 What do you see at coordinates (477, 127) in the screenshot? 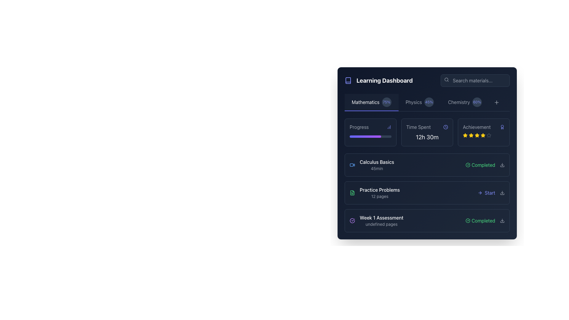
I see `the 'Achievement' static text label which is displayed in gray font next to an indigo award icon in the top-right section of the dashboard interface` at bounding box center [477, 127].